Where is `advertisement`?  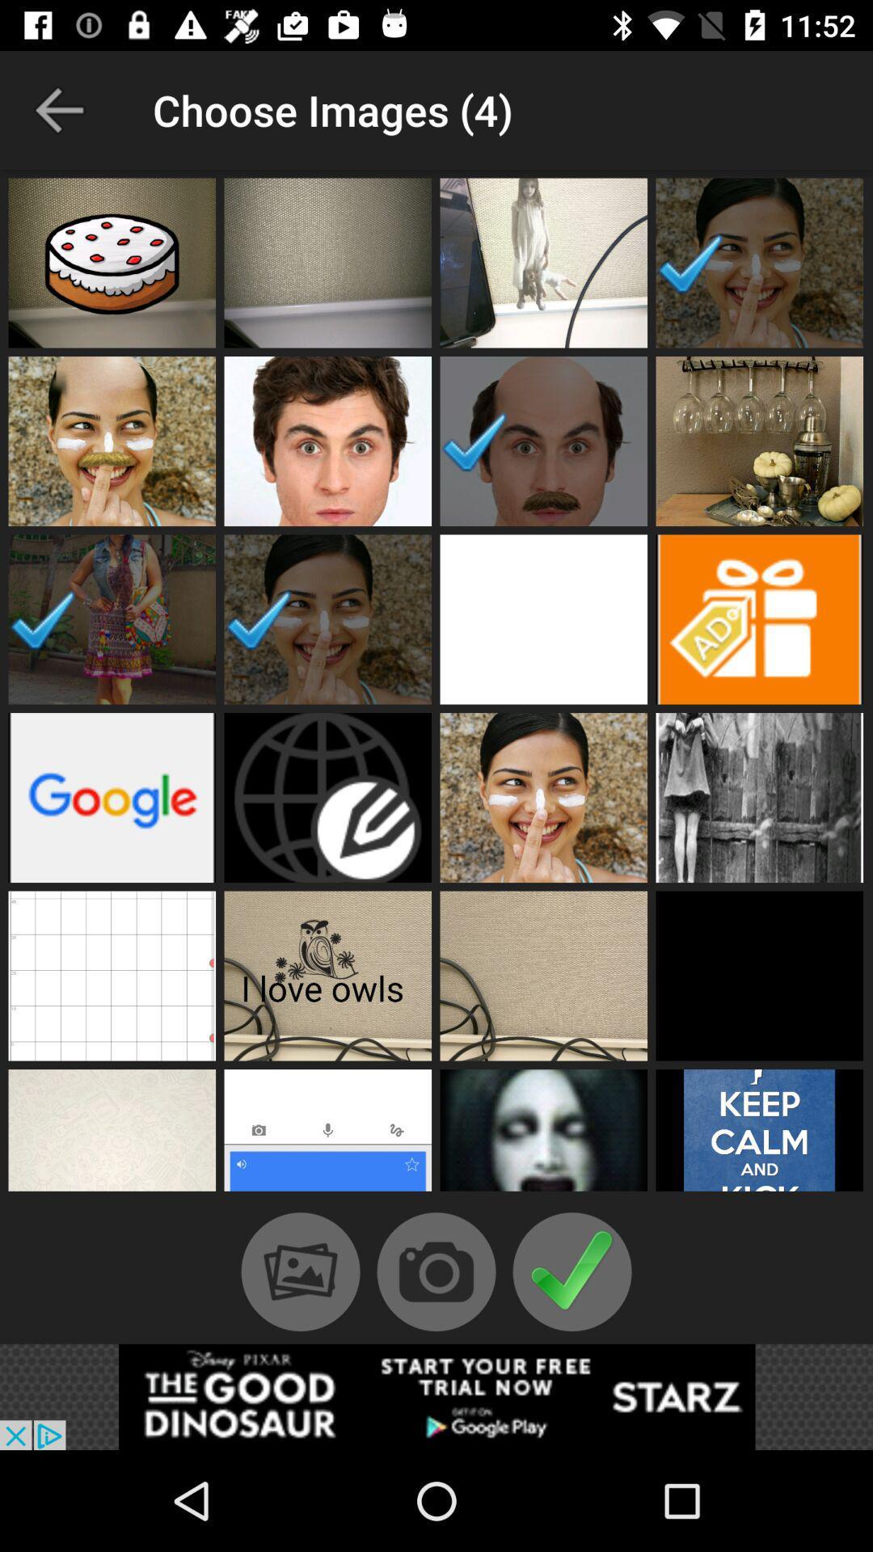 advertisement is located at coordinates (436, 1396).